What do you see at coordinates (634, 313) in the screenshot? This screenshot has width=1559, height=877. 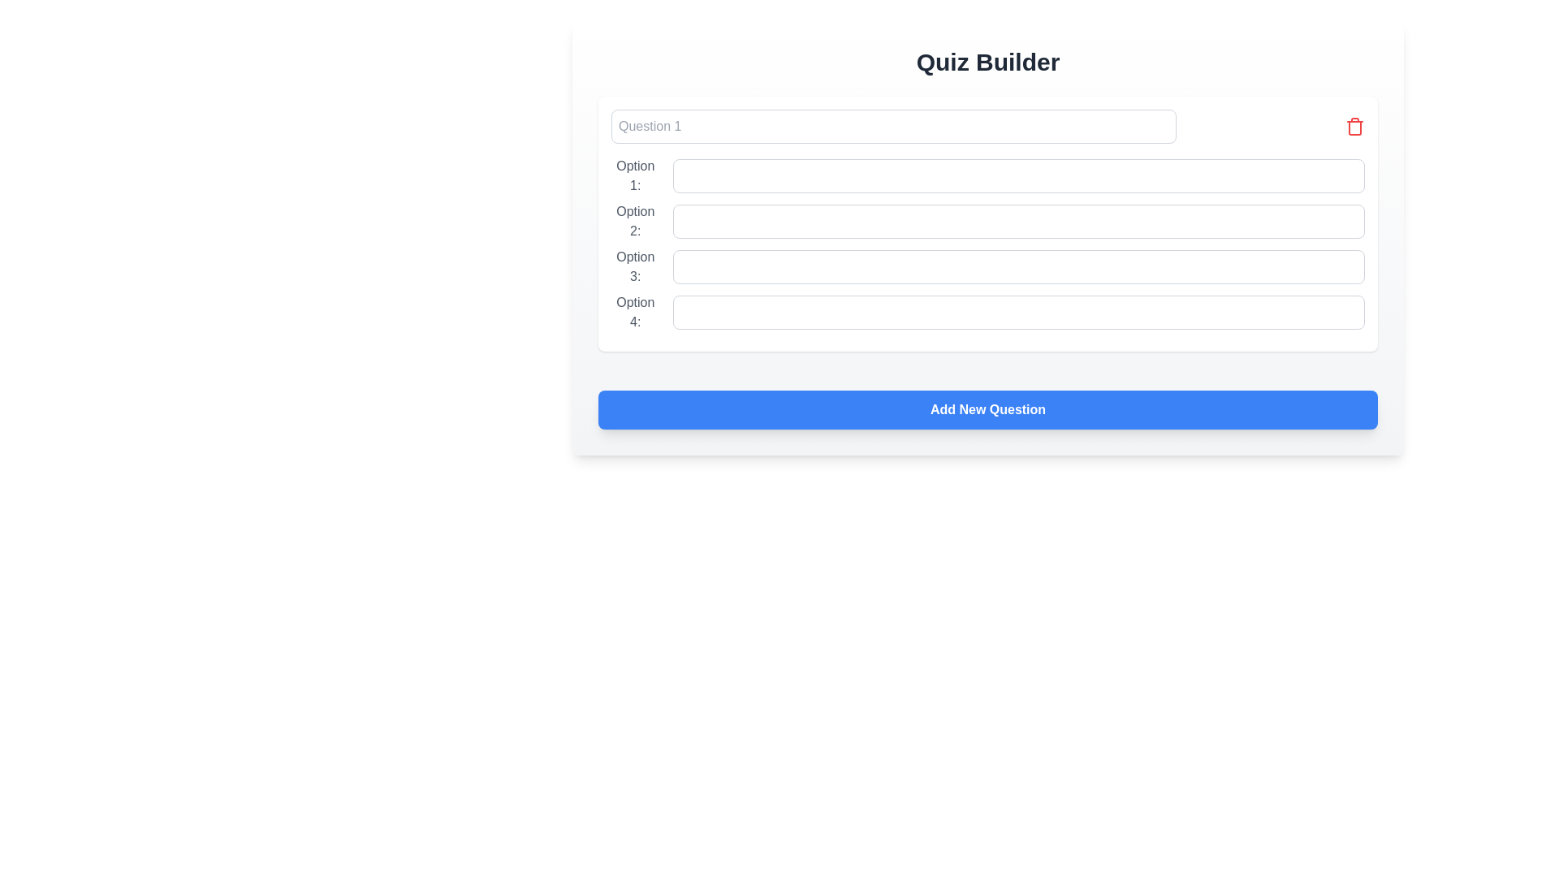 I see `the Text label guiding users to provide data related to Option 4, located in the third column of labeled options before the corresponding text input field` at bounding box center [634, 313].